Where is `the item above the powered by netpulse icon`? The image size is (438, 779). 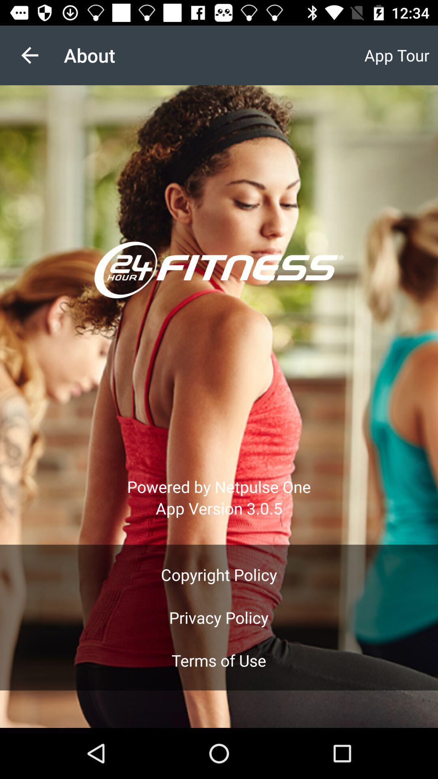
the item above the powered by netpulse icon is located at coordinates (29, 55).